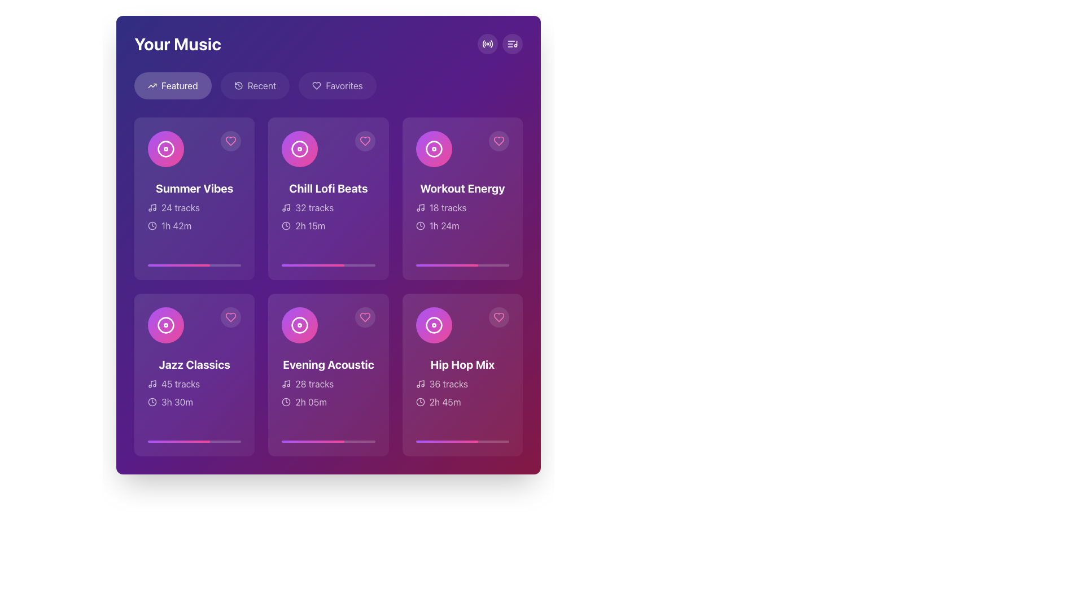  What do you see at coordinates (194, 188) in the screenshot?
I see `text content of the title label for the playlist located in the top-left card of the grid under the 'Featured' tab` at bounding box center [194, 188].